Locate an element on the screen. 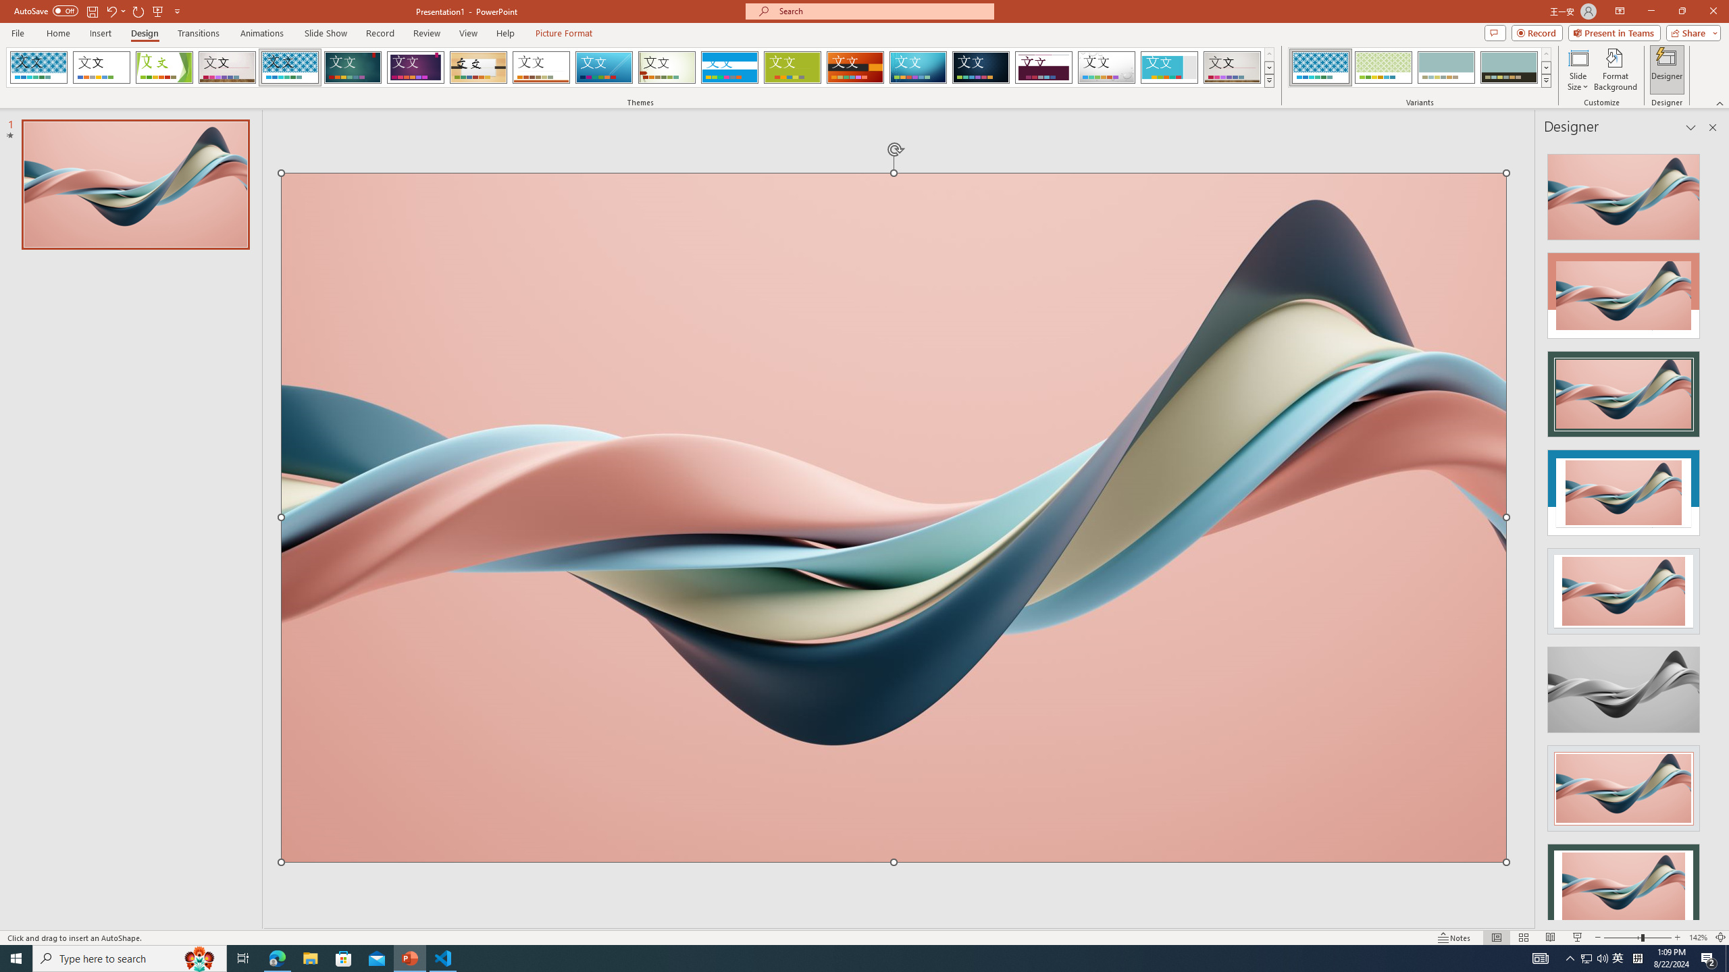 This screenshot has height=972, width=1729. 'Dividend' is located at coordinates (1043, 67).